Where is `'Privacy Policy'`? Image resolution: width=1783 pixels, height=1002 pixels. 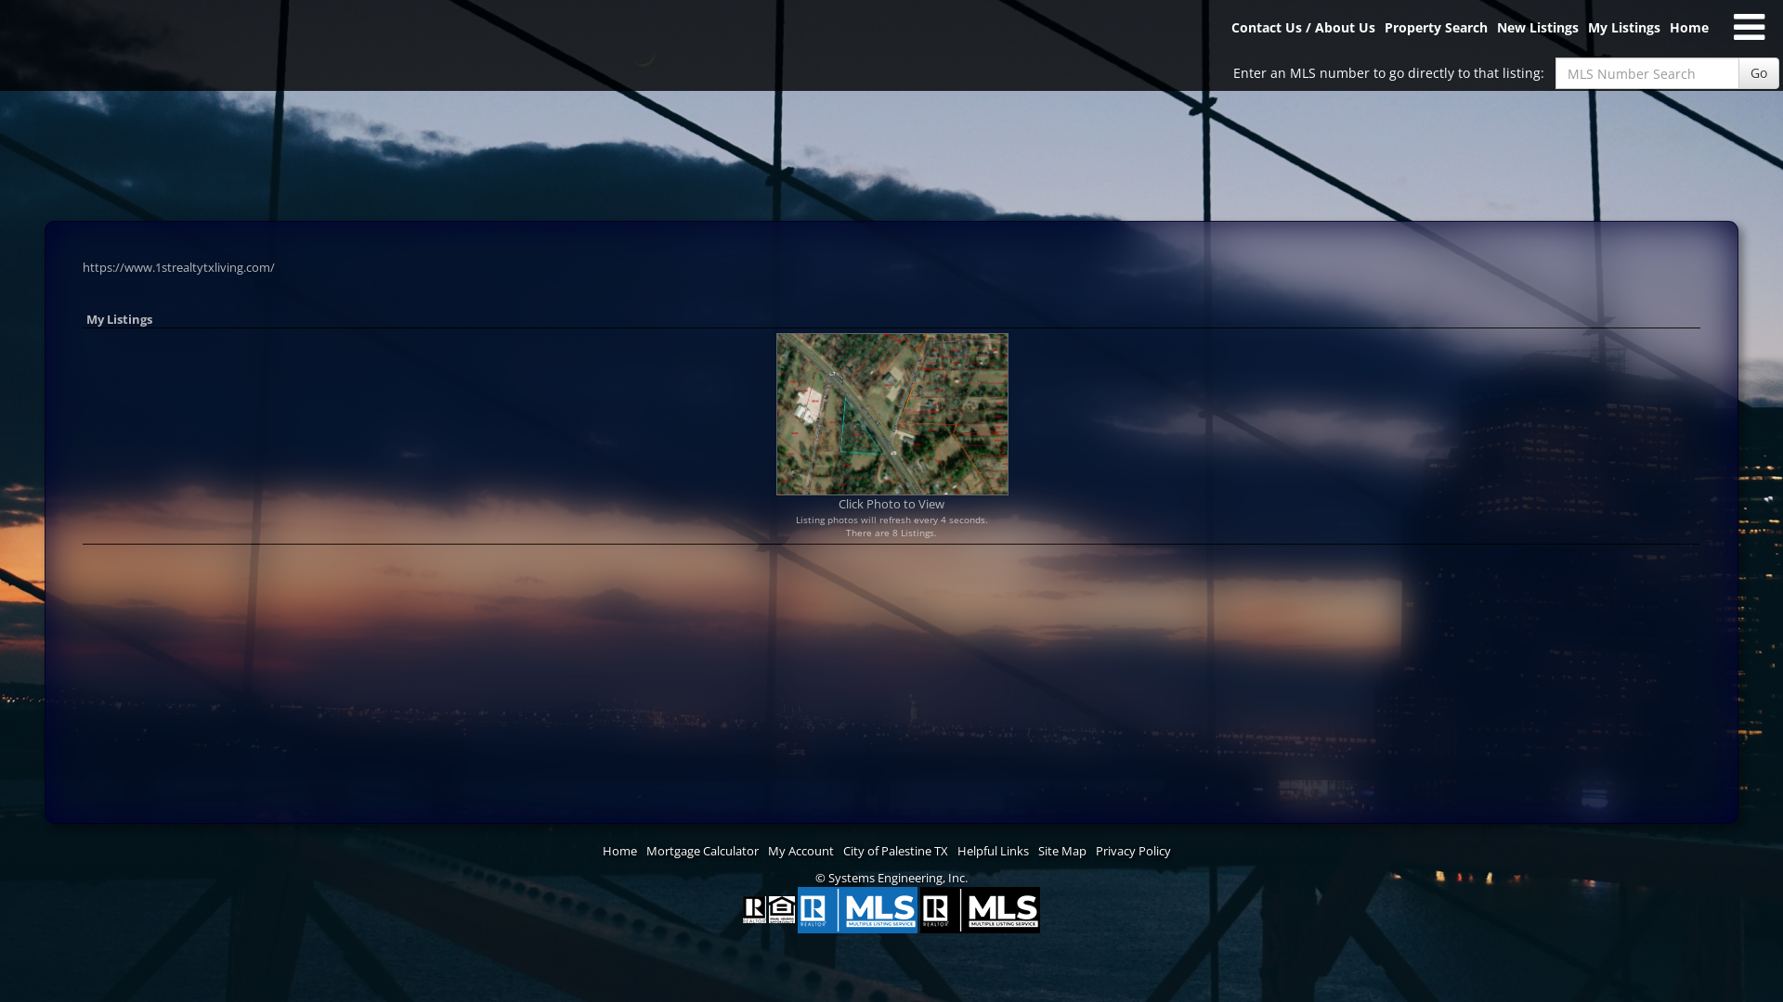 'Privacy Policy' is located at coordinates (1132, 851).